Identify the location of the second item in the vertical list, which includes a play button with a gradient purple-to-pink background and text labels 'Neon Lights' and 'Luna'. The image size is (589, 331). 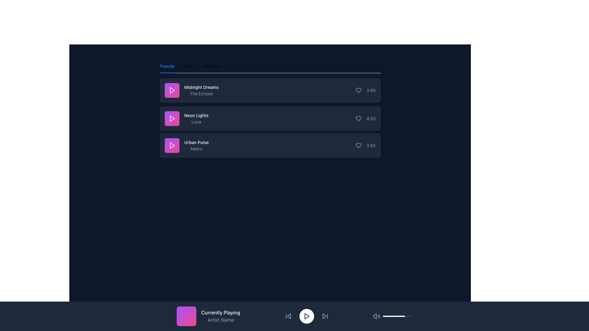
(186, 118).